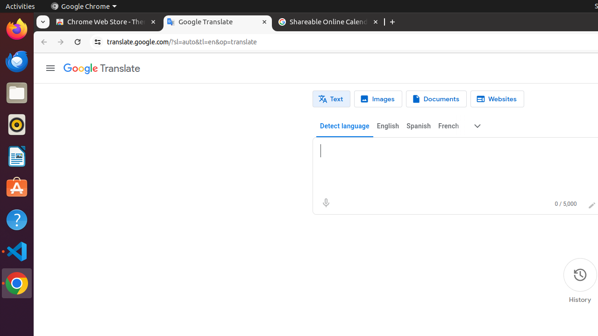 The height and width of the screenshot is (336, 598). What do you see at coordinates (326, 203) in the screenshot?
I see `'Translate by voice'` at bounding box center [326, 203].